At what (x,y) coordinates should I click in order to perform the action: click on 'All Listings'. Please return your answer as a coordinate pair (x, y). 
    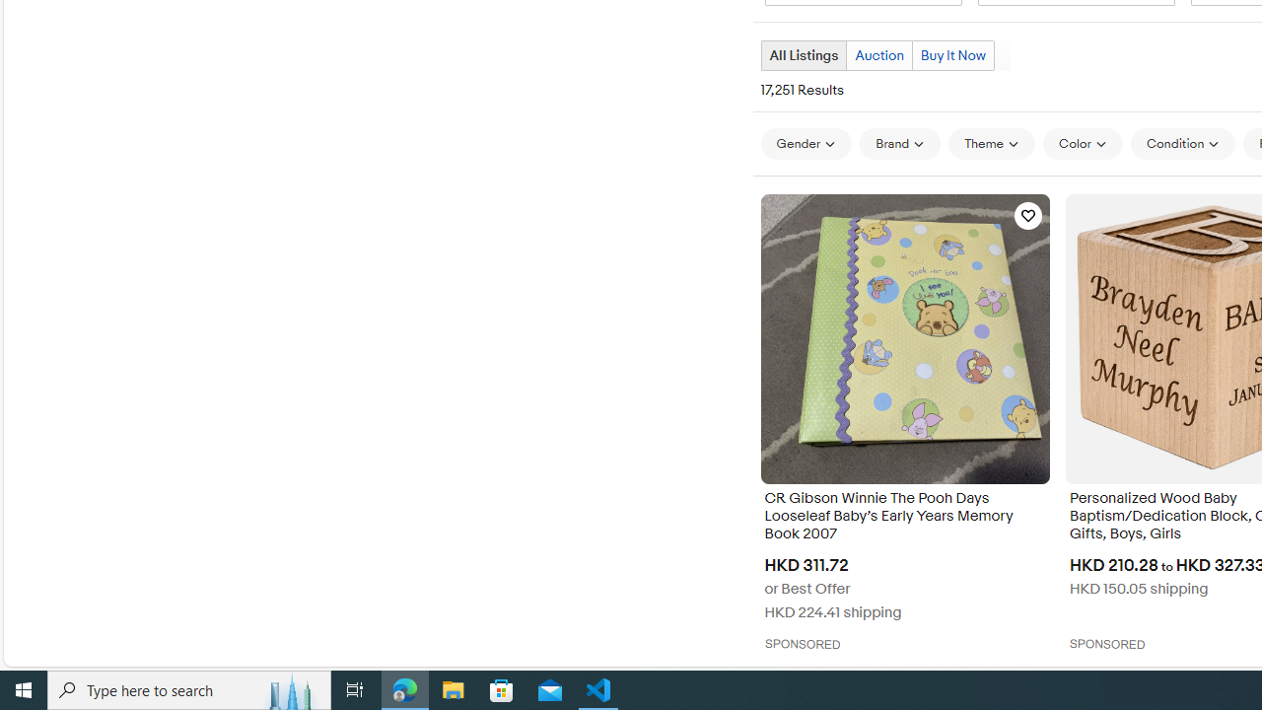
    Looking at the image, I should click on (803, 54).